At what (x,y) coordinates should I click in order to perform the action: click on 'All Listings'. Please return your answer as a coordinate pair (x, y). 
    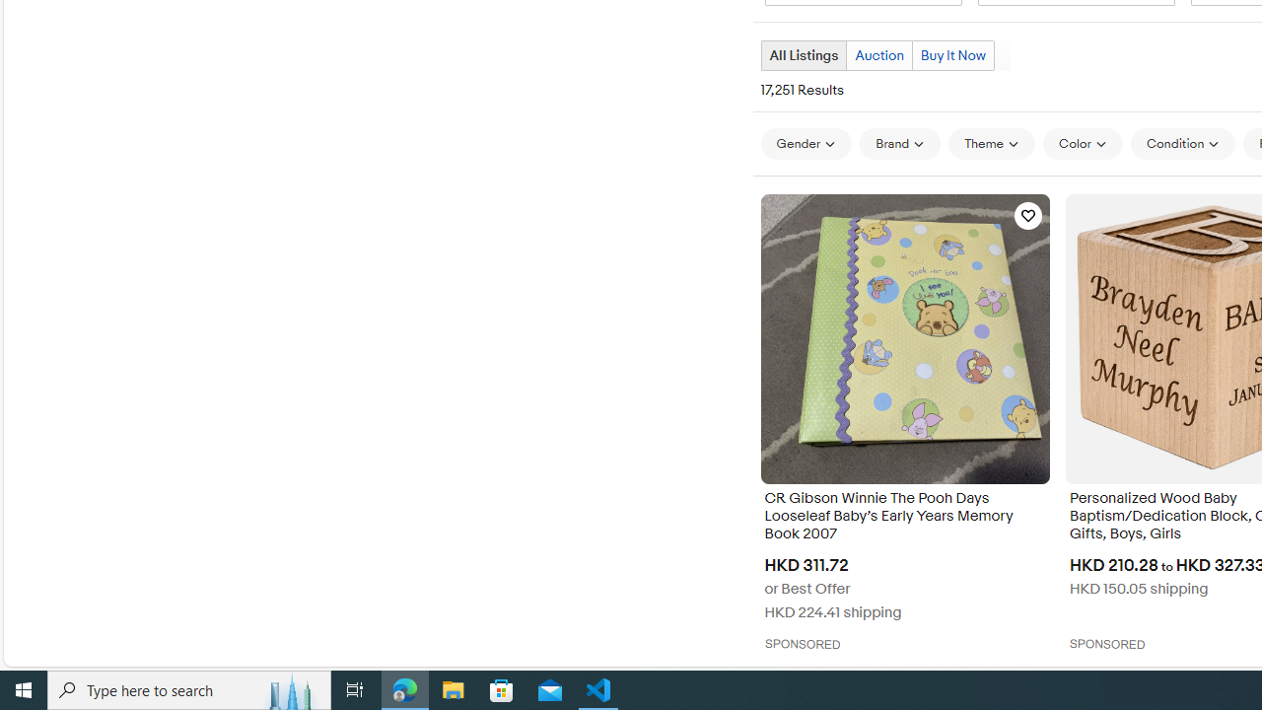
    Looking at the image, I should click on (803, 54).